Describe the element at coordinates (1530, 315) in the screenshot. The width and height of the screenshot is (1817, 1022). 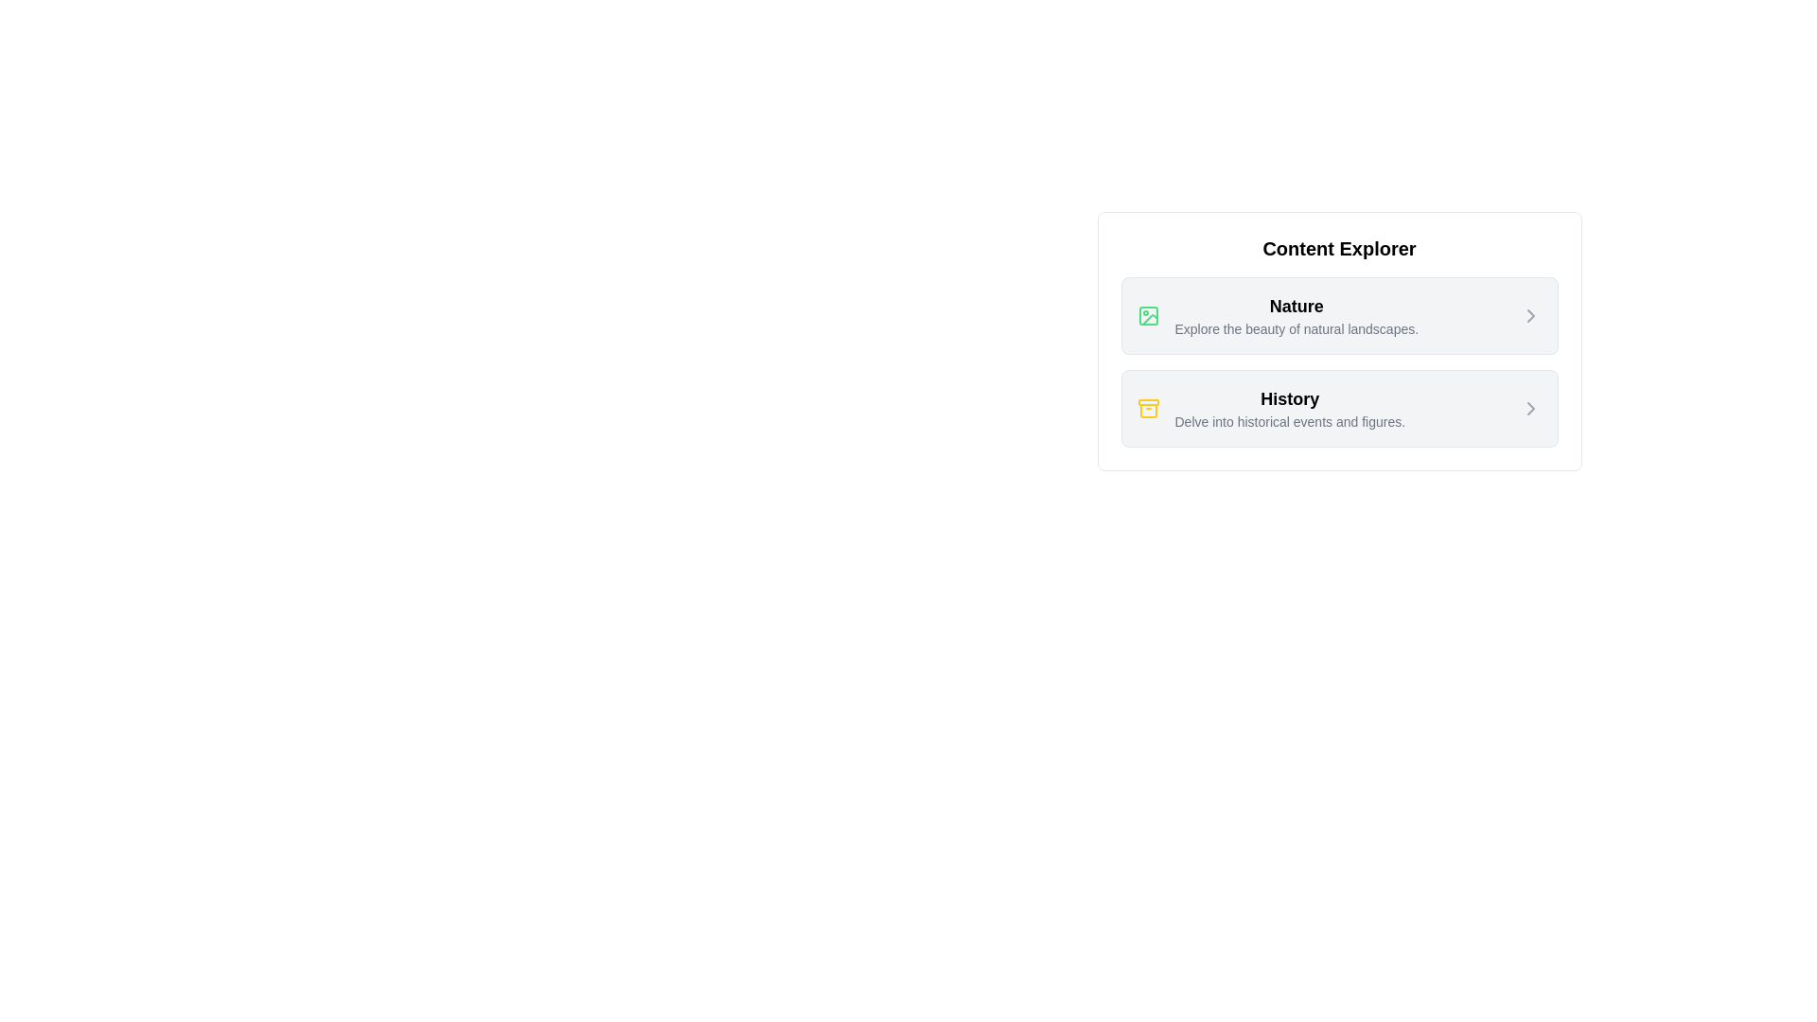
I see `the rightward-pointing gray chevron icon located at the far-right side of the 'Nature' card for potential visual feedback` at that location.